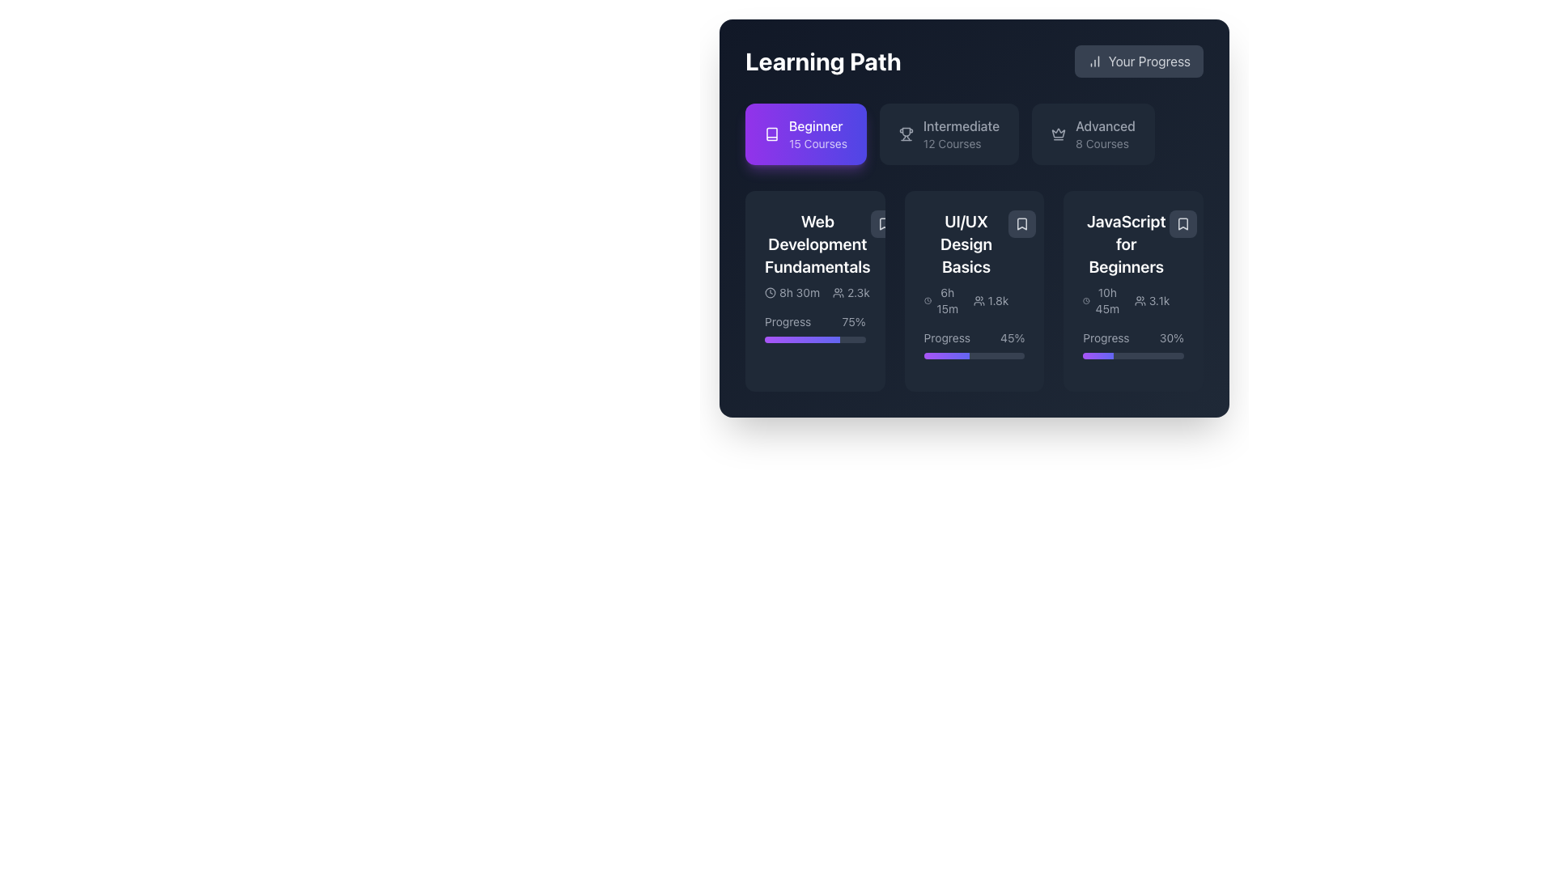  Describe the element at coordinates (1132, 290) in the screenshot. I see `the progress bar of the 'JavaScript for Beginners' course overview card, located in the third column of the curriculum overview section` at that location.